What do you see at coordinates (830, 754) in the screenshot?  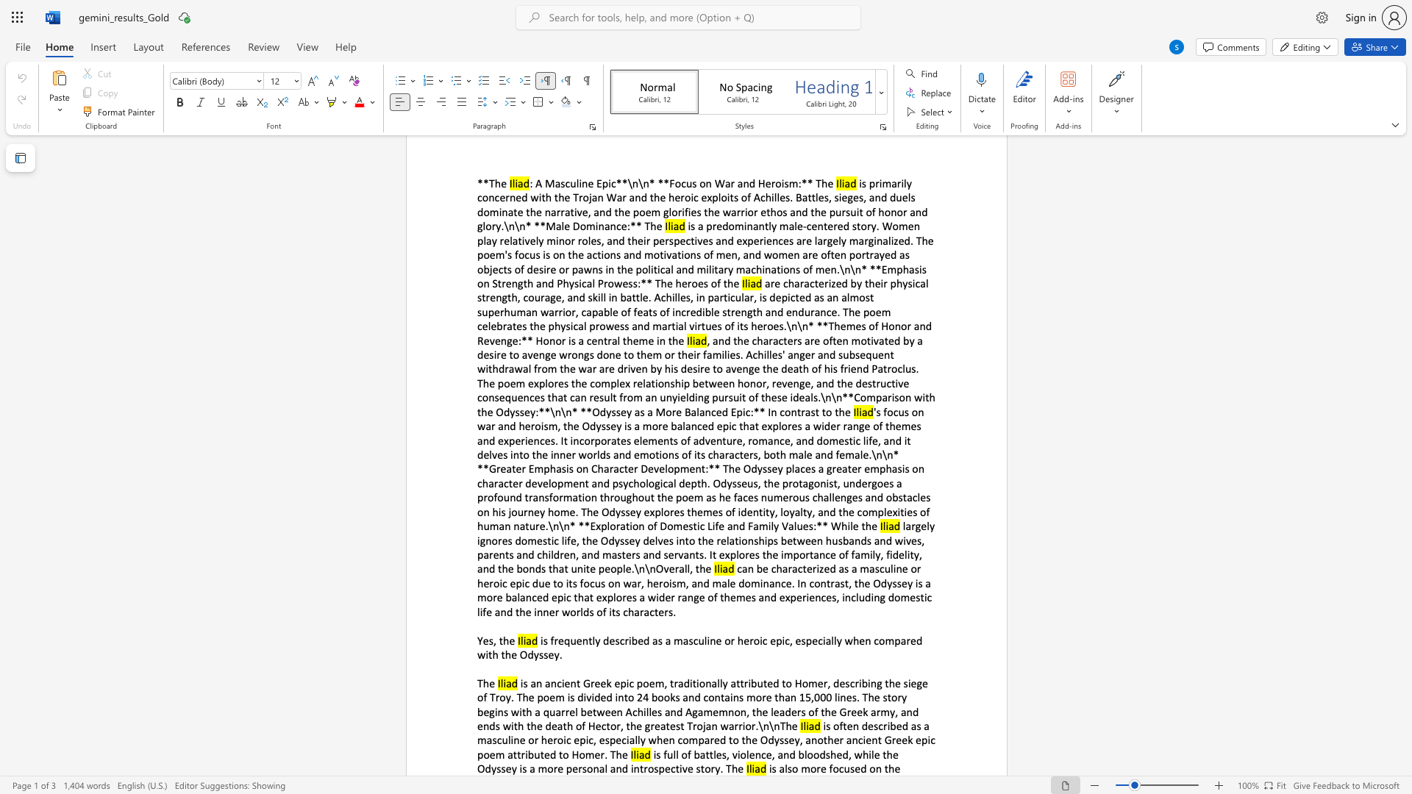 I see `the subset text "hed, while the Od" within the text "battles, violence, and bloodshed, while the Odyssey is a more personal and introspective story. The"` at bounding box center [830, 754].